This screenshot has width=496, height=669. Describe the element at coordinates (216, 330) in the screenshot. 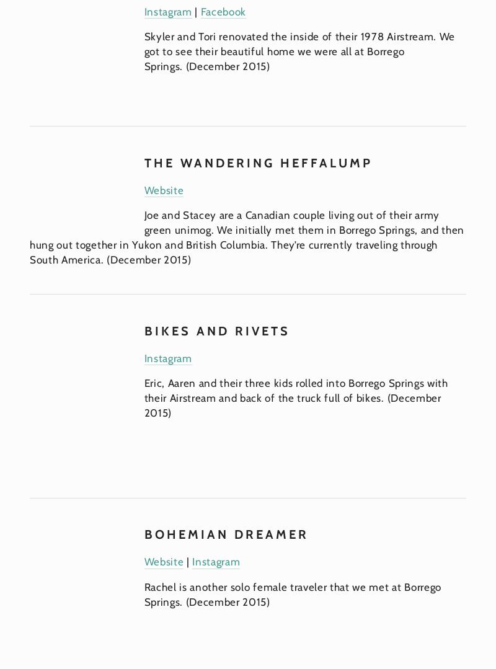

I see `'Bikes and Rivets'` at that location.